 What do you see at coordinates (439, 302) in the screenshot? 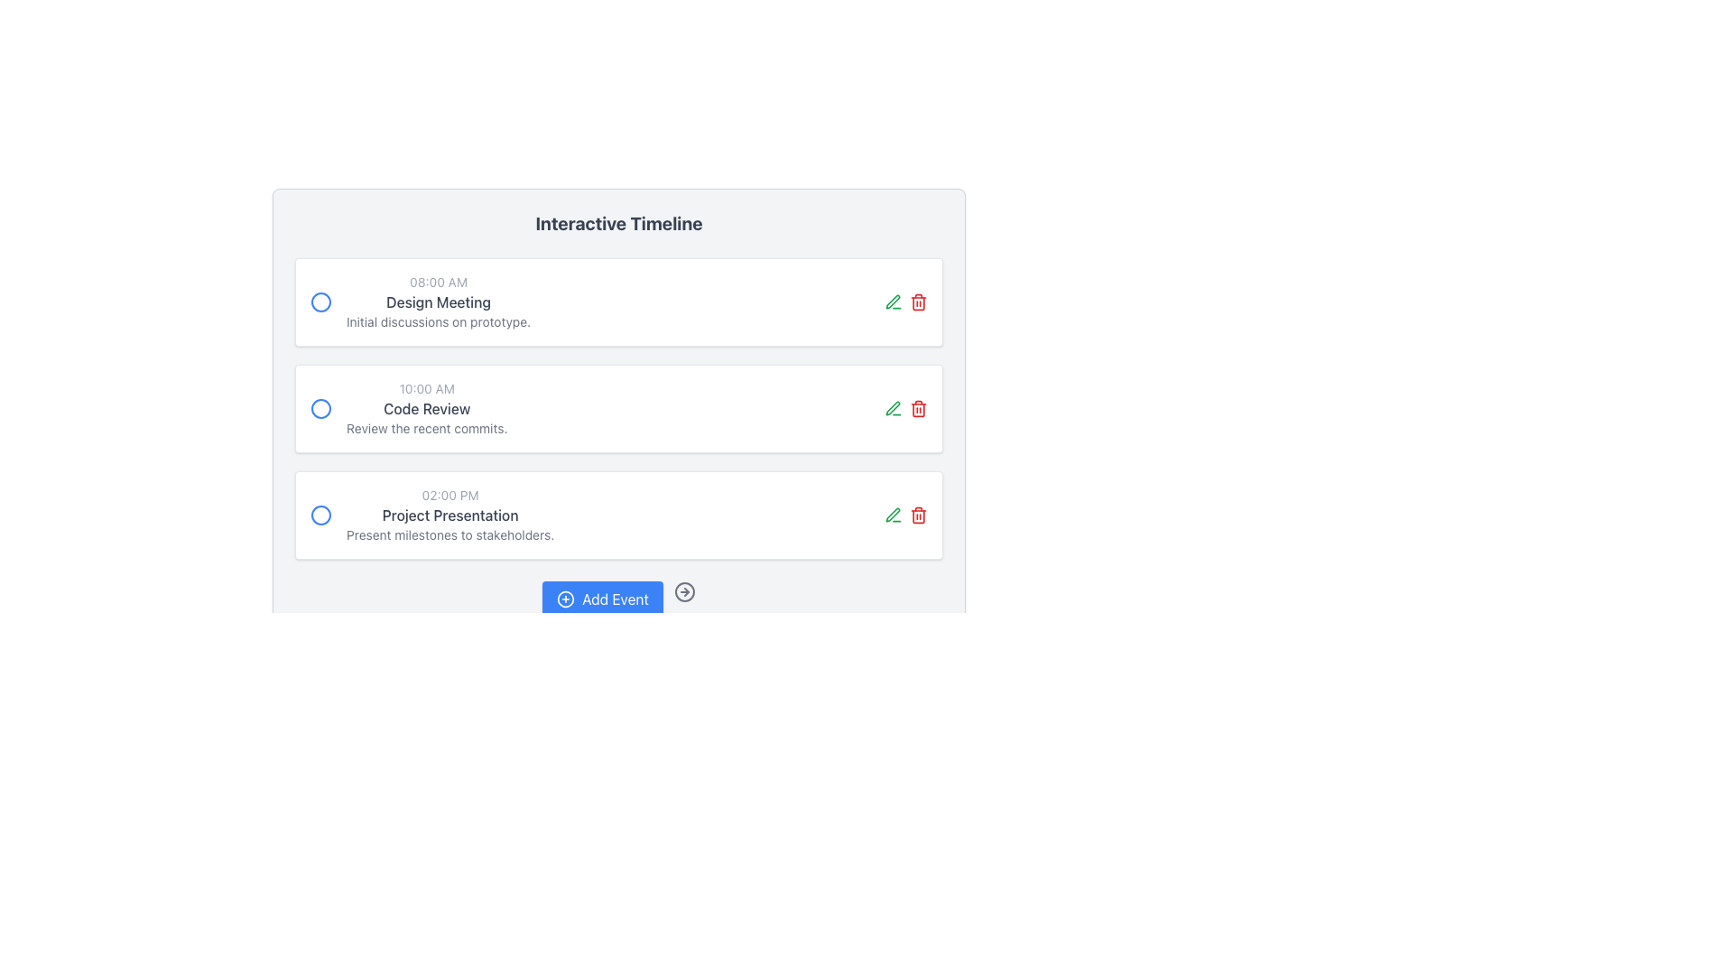
I see `the text display element that shows '08:00 AM', 'Design Meeting', and 'Initial discussions on prototype', which is the first entry in the vertical timeline list` at bounding box center [439, 302].